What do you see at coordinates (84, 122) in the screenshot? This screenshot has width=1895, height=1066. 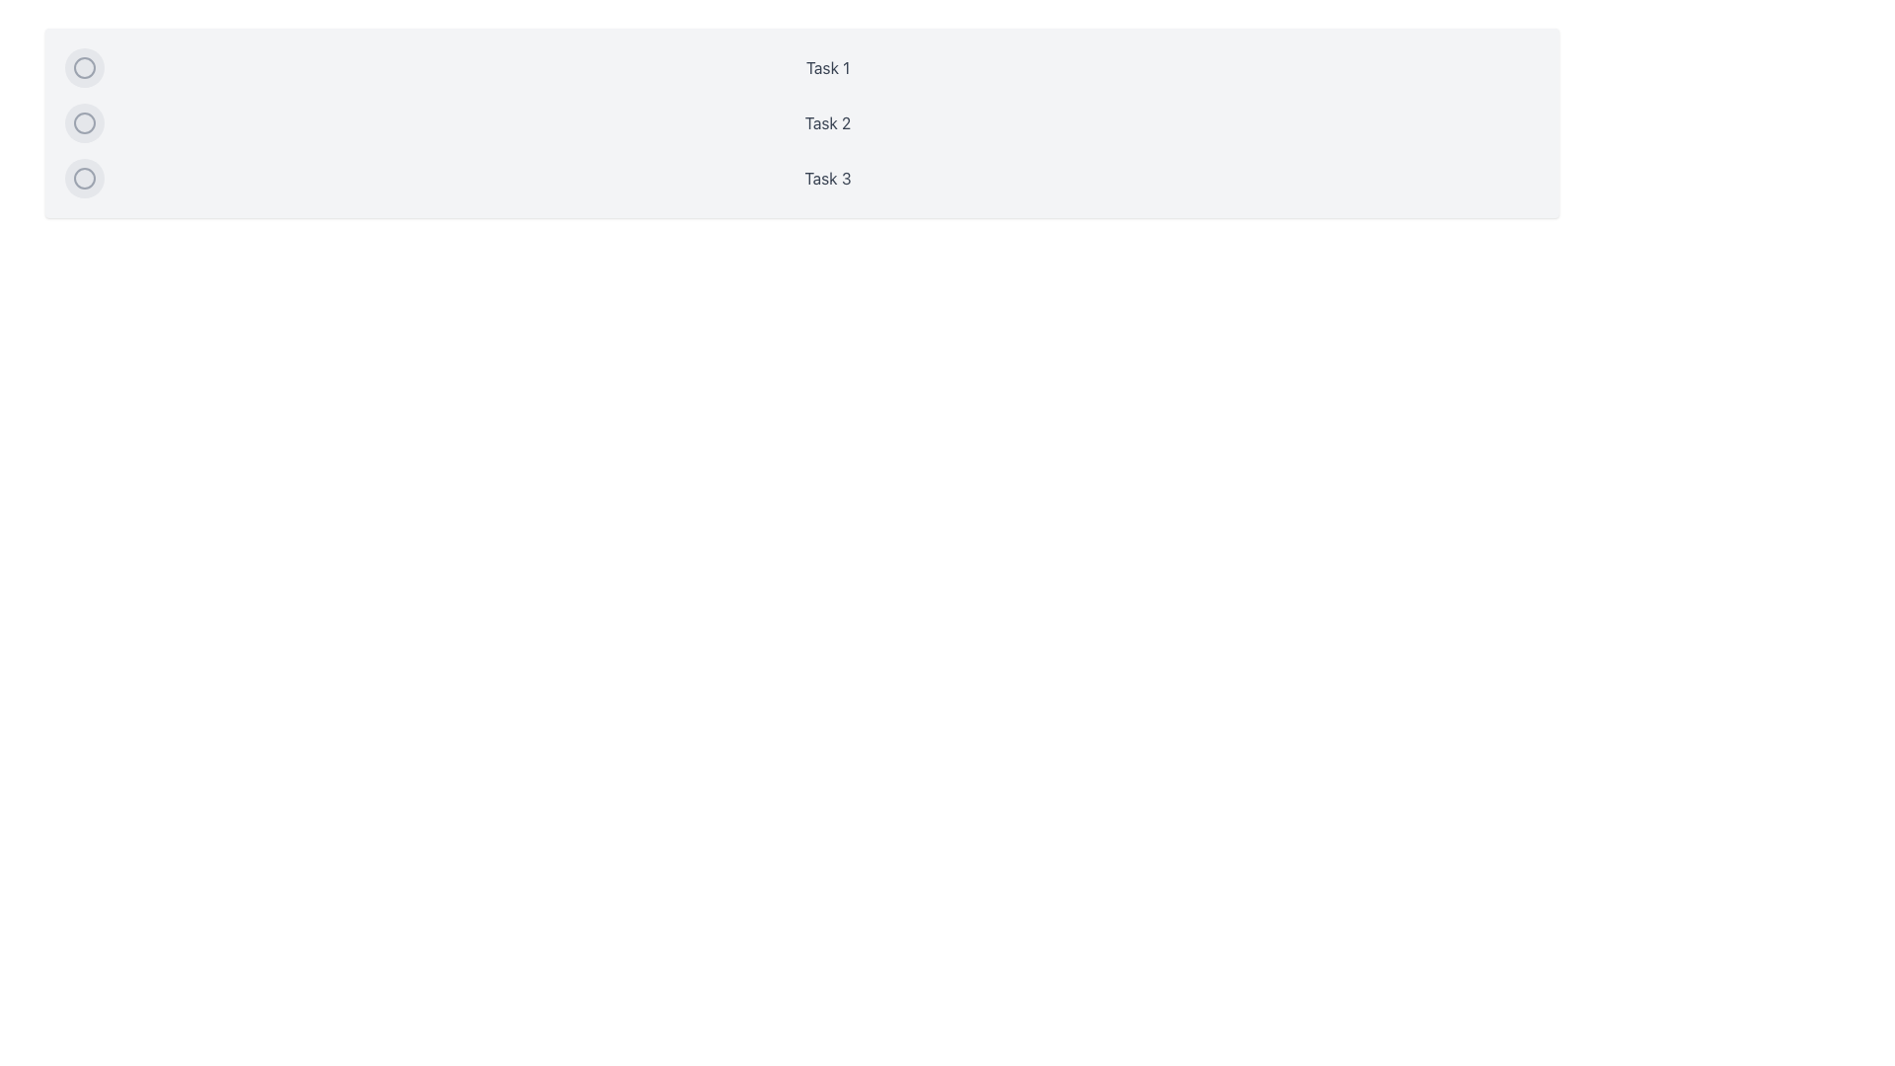 I see `the button associated with 'Task 2', which is a circular button located to the left of the task label in a vertical list` at bounding box center [84, 122].